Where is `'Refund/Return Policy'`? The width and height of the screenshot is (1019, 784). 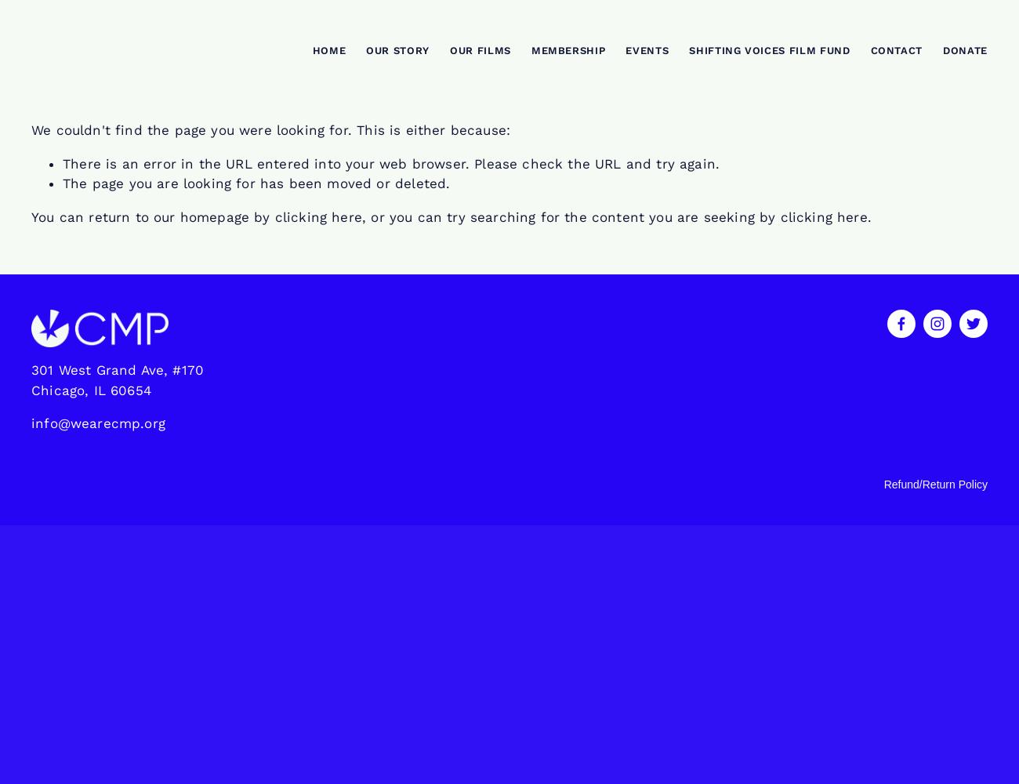
'Refund/Return Policy' is located at coordinates (882, 483).